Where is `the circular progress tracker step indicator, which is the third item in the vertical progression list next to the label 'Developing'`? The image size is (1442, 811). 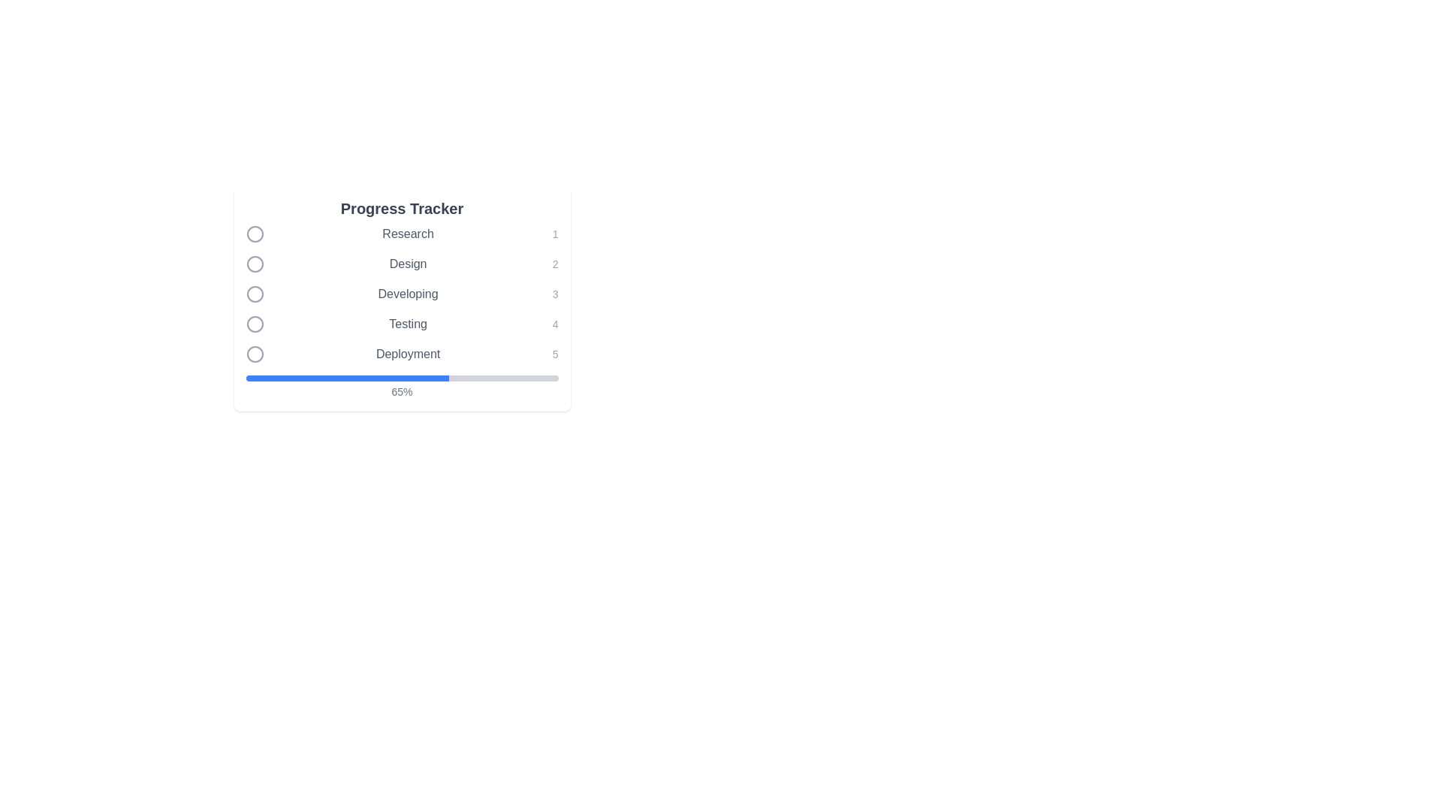
the circular progress tracker step indicator, which is the third item in the vertical progression list next to the label 'Developing' is located at coordinates (255, 294).